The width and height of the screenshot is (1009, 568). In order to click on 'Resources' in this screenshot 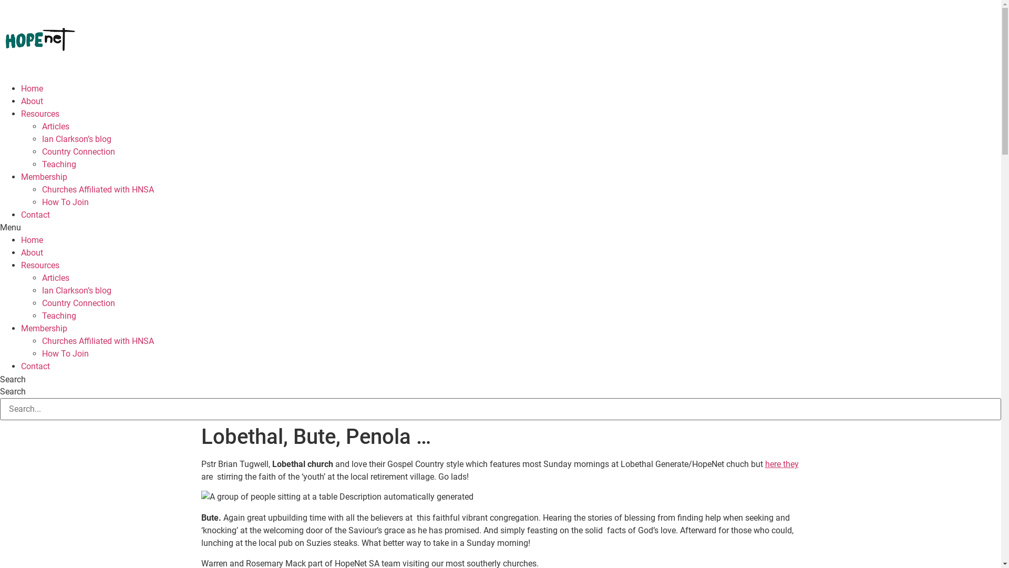, I will do `click(40, 265)`.